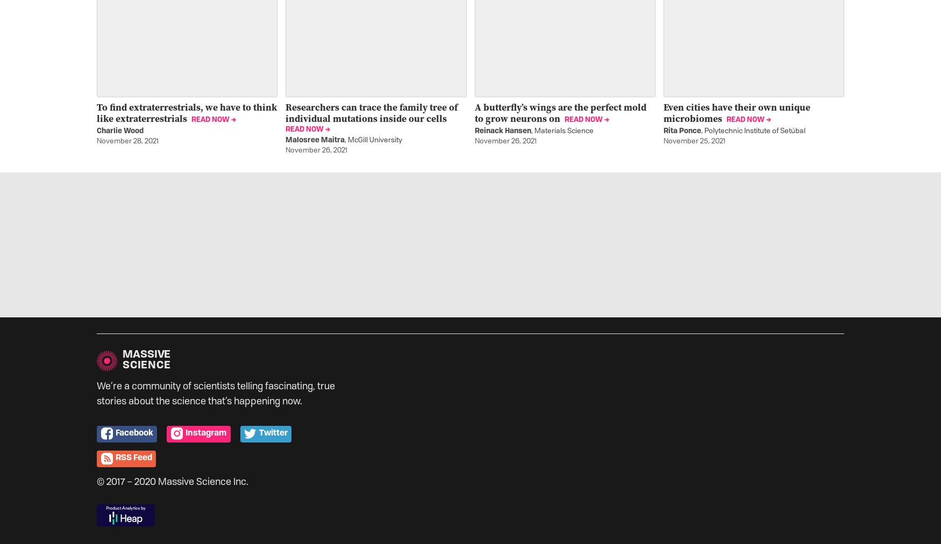 The width and height of the screenshot is (941, 544). I want to click on 'To find extraterrestrials, we have to think like extraterrestrials', so click(187, 112).